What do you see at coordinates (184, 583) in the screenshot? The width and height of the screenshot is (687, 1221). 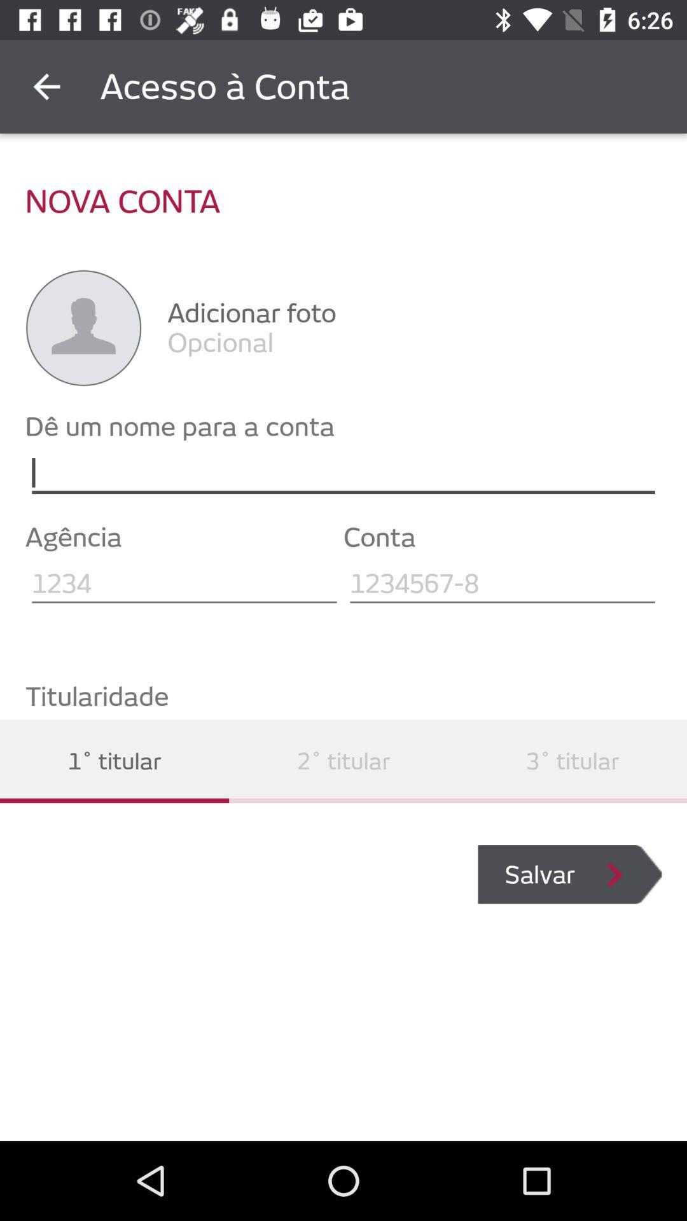 I see `agency name` at bounding box center [184, 583].